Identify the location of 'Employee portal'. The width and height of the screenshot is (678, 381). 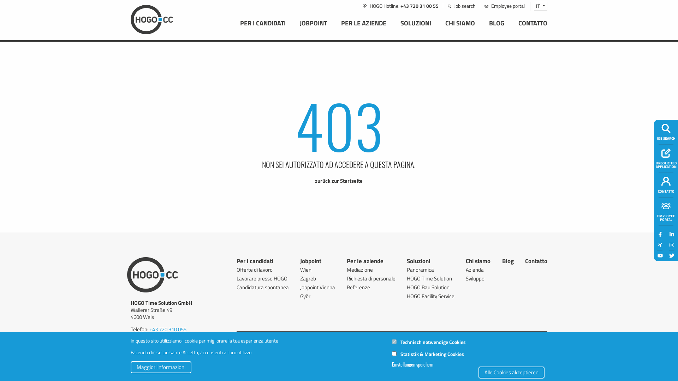
(484, 6).